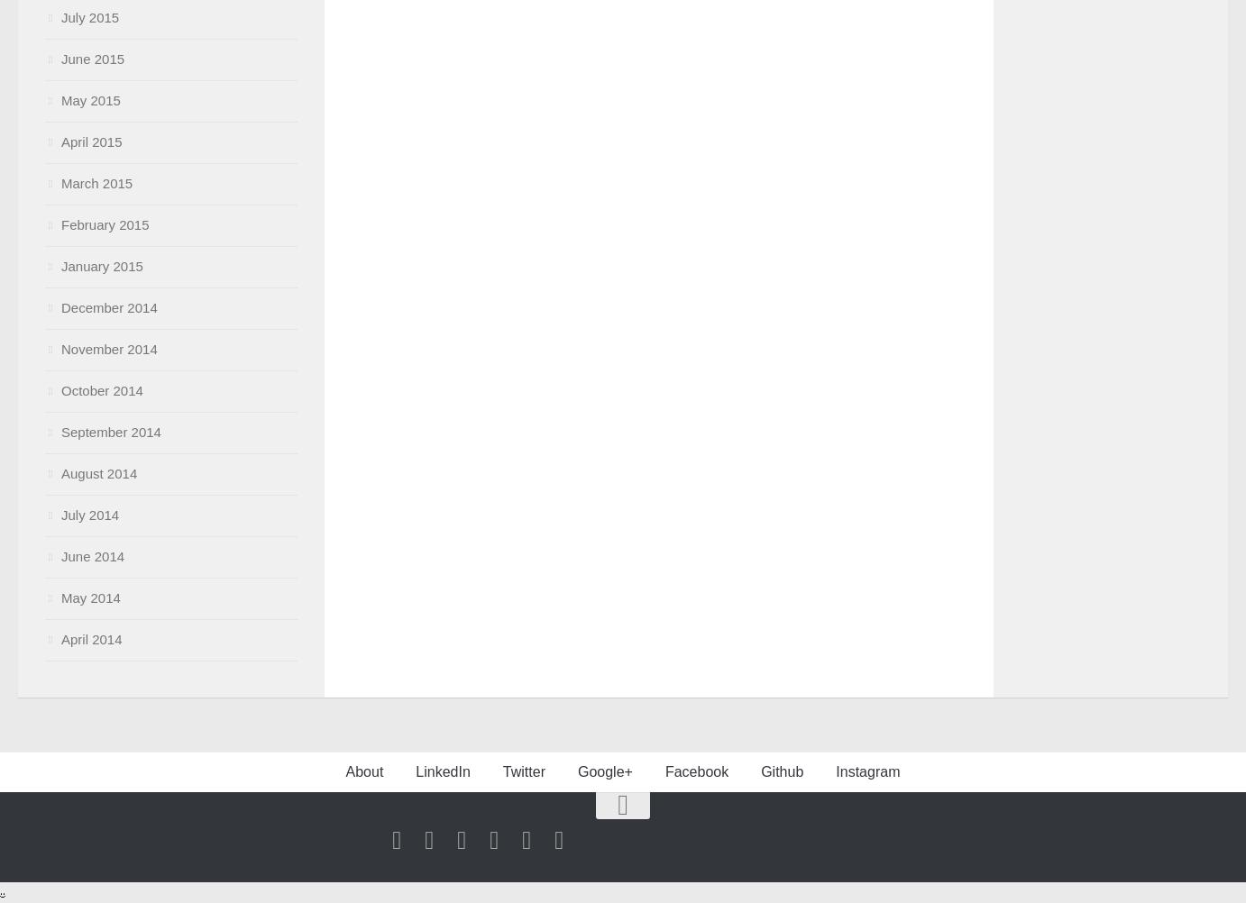 This screenshot has height=903, width=1246. Describe the element at coordinates (96, 183) in the screenshot. I see `'March 2015'` at that location.